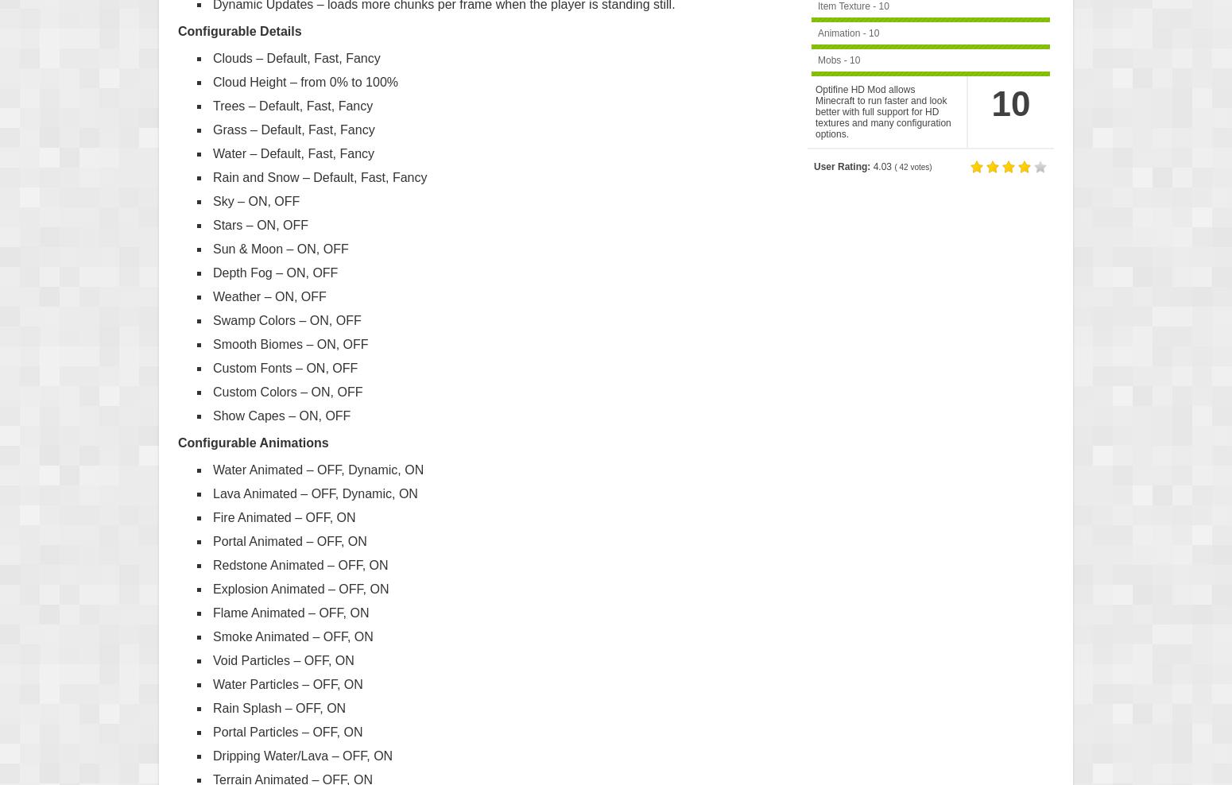 The image size is (1232, 785). I want to click on 'Water Particles – OFF, ON', so click(286, 683).